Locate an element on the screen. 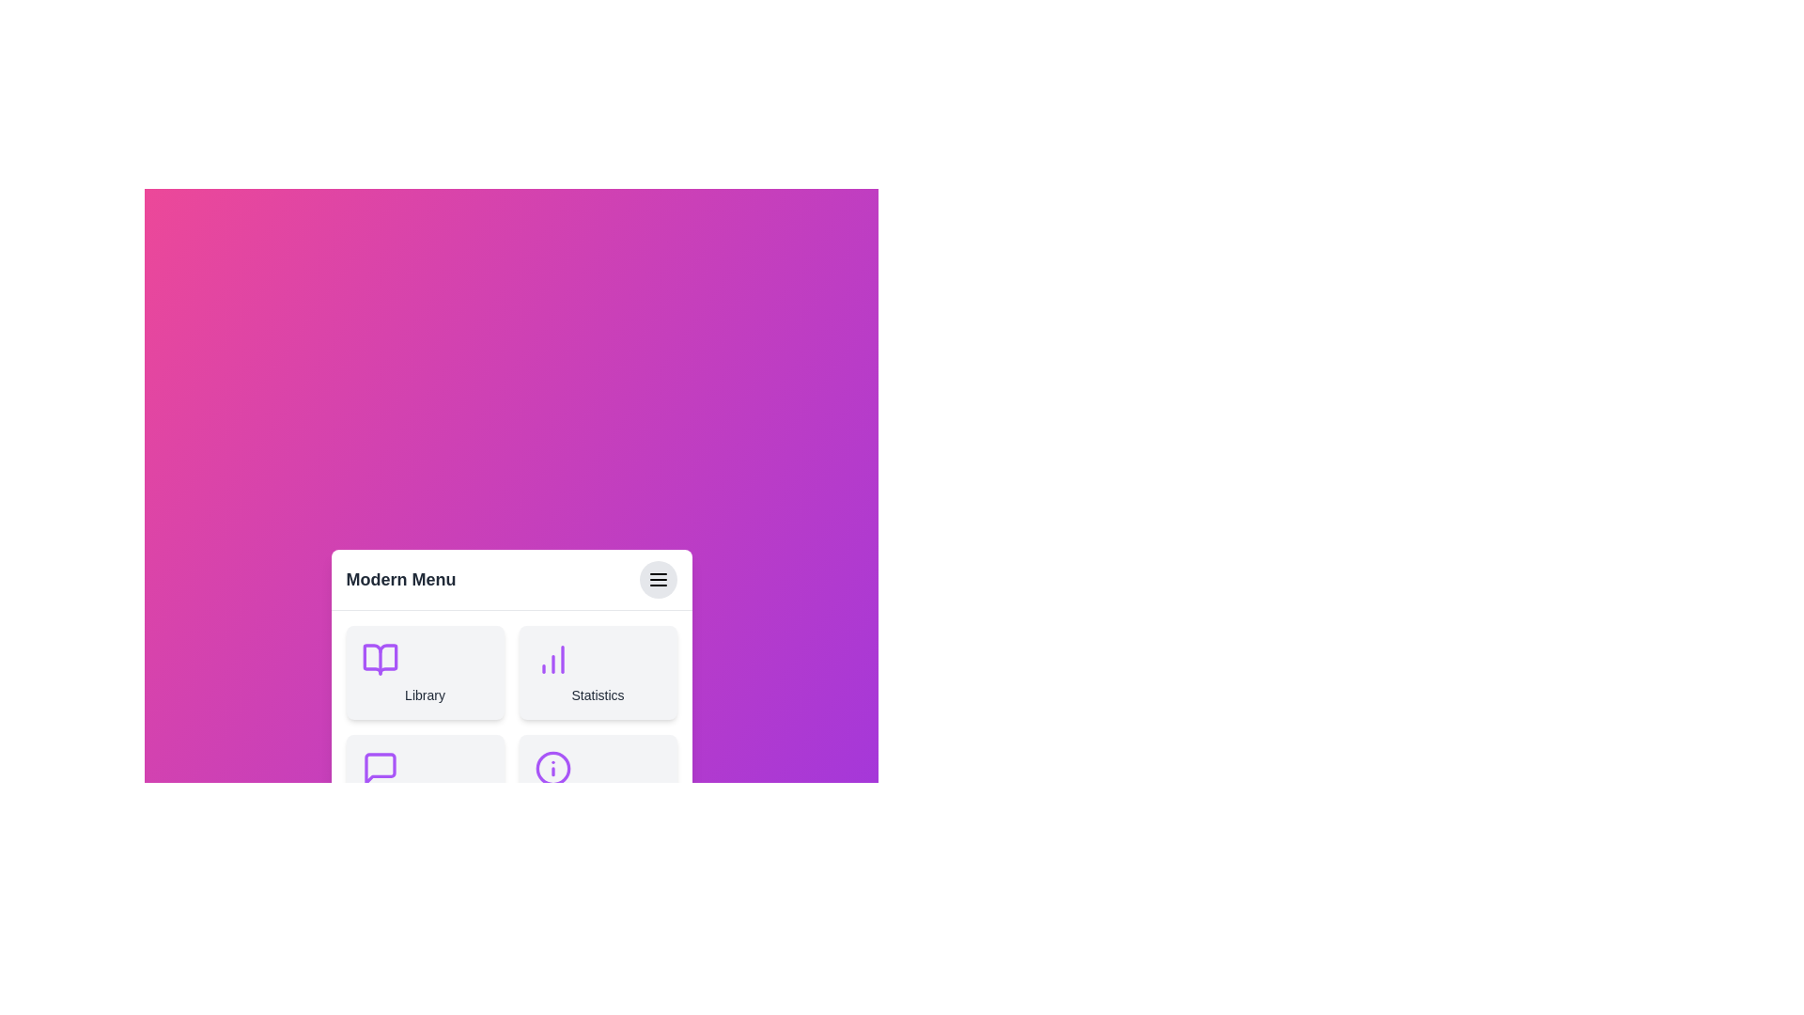  the menu item About by clicking on it is located at coordinates (597, 781).